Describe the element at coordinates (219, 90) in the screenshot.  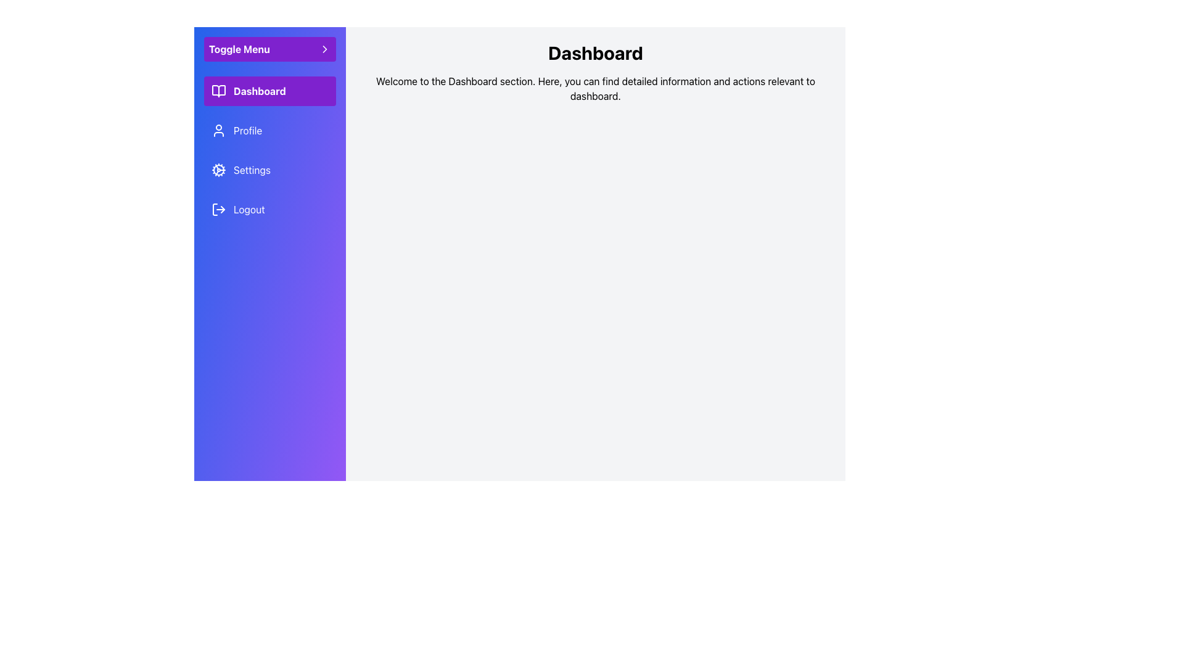
I see `the SVG graphical element depicting the left side of the book's open pages, which is part of the purple 'Dashboard' button in the vertical navigation bar` at that location.